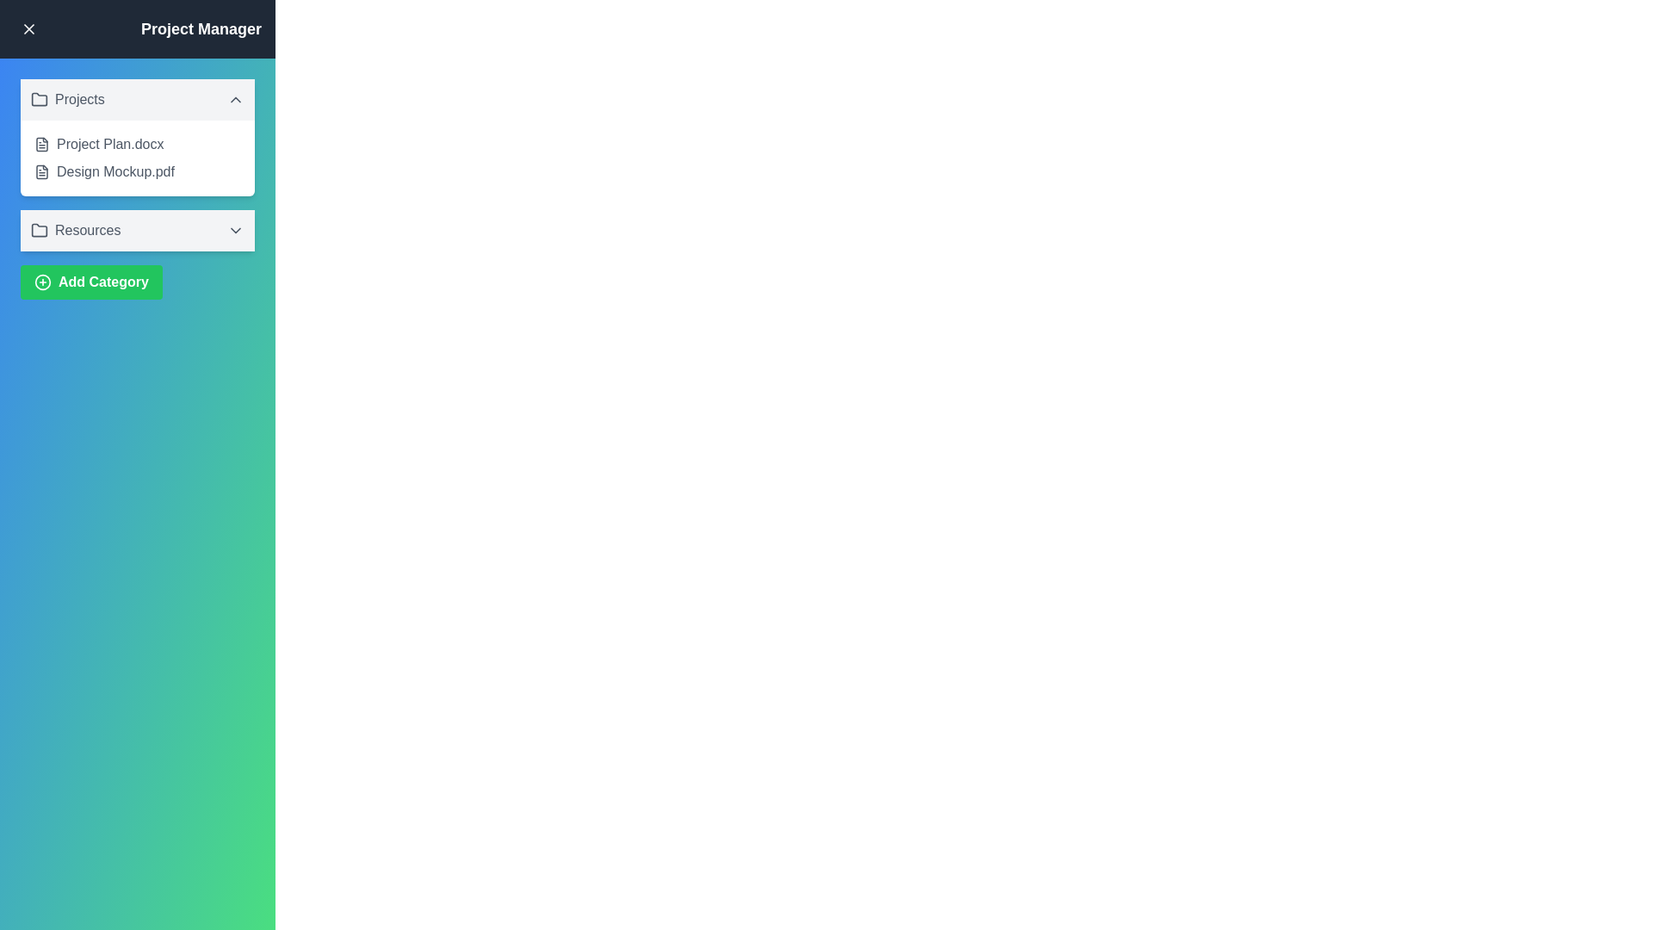 The height and width of the screenshot is (930, 1653). Describe the element at coordinates (136, 99) in the screenshot. I see `the 'Projects' collapsible header bar for keyboard navigation` at that location.